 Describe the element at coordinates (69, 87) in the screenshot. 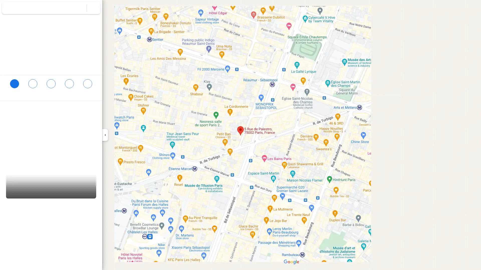

I see `Send 5 Rue de Palestro to your phone` at that location.